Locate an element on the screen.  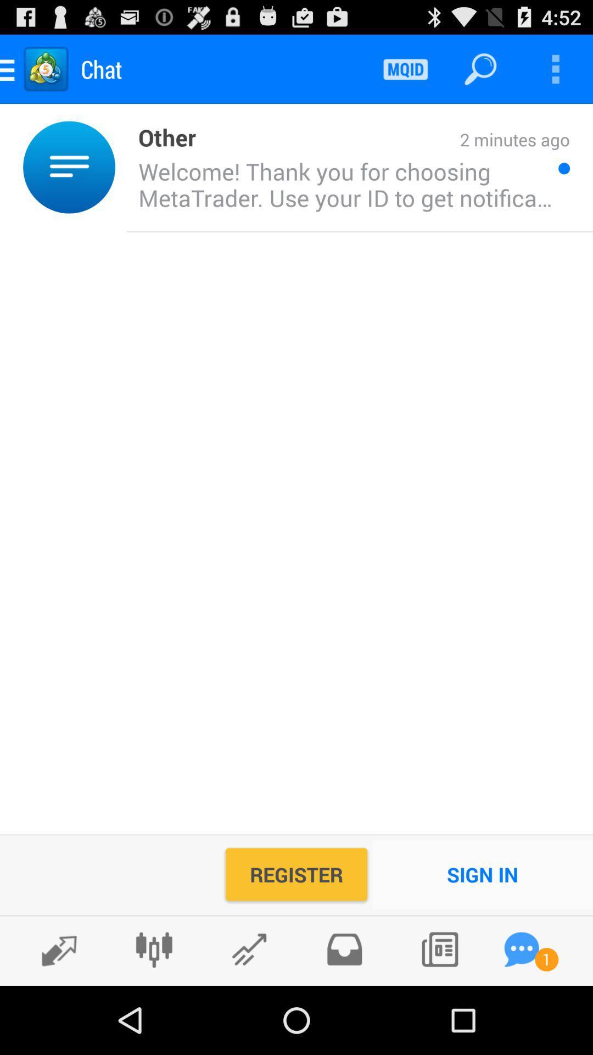
sign in icon is located at coordinates (482, 874).